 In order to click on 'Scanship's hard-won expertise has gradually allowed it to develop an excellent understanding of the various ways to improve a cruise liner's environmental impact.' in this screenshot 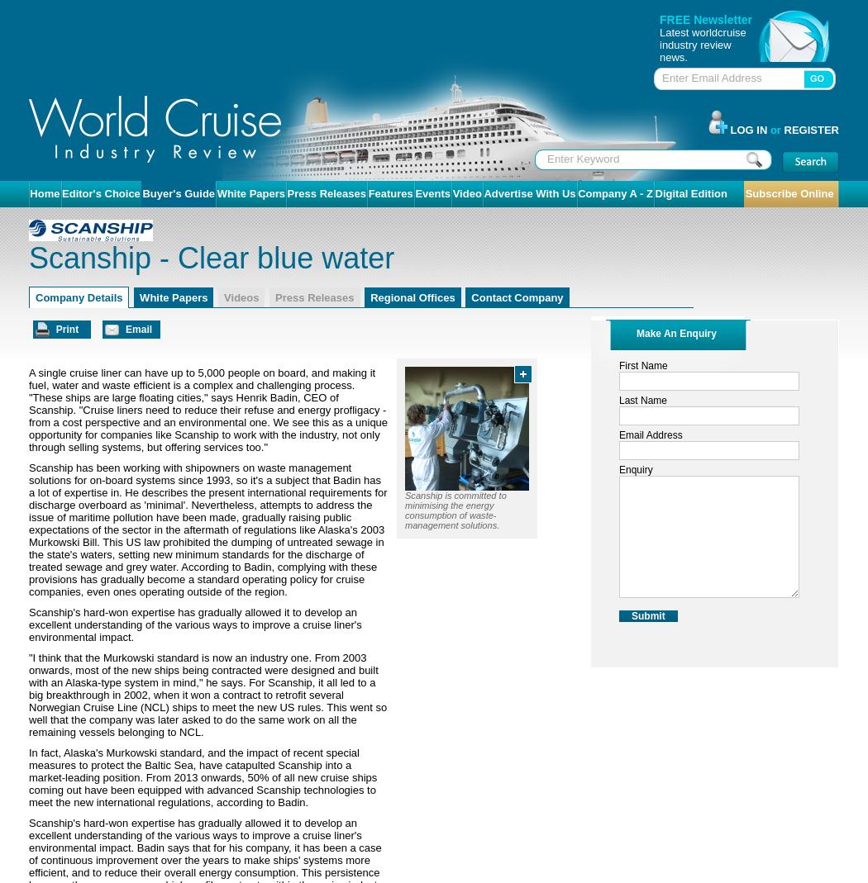, I will do `click(28, 624)`.